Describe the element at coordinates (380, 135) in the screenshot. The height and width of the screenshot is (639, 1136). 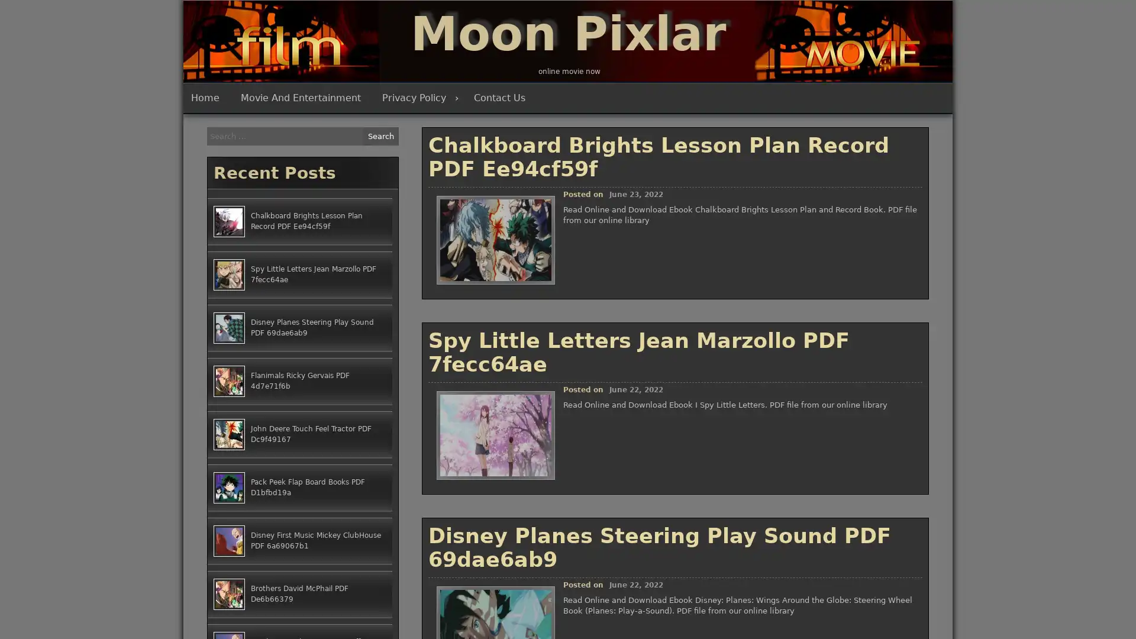
I see `Search` at that location.